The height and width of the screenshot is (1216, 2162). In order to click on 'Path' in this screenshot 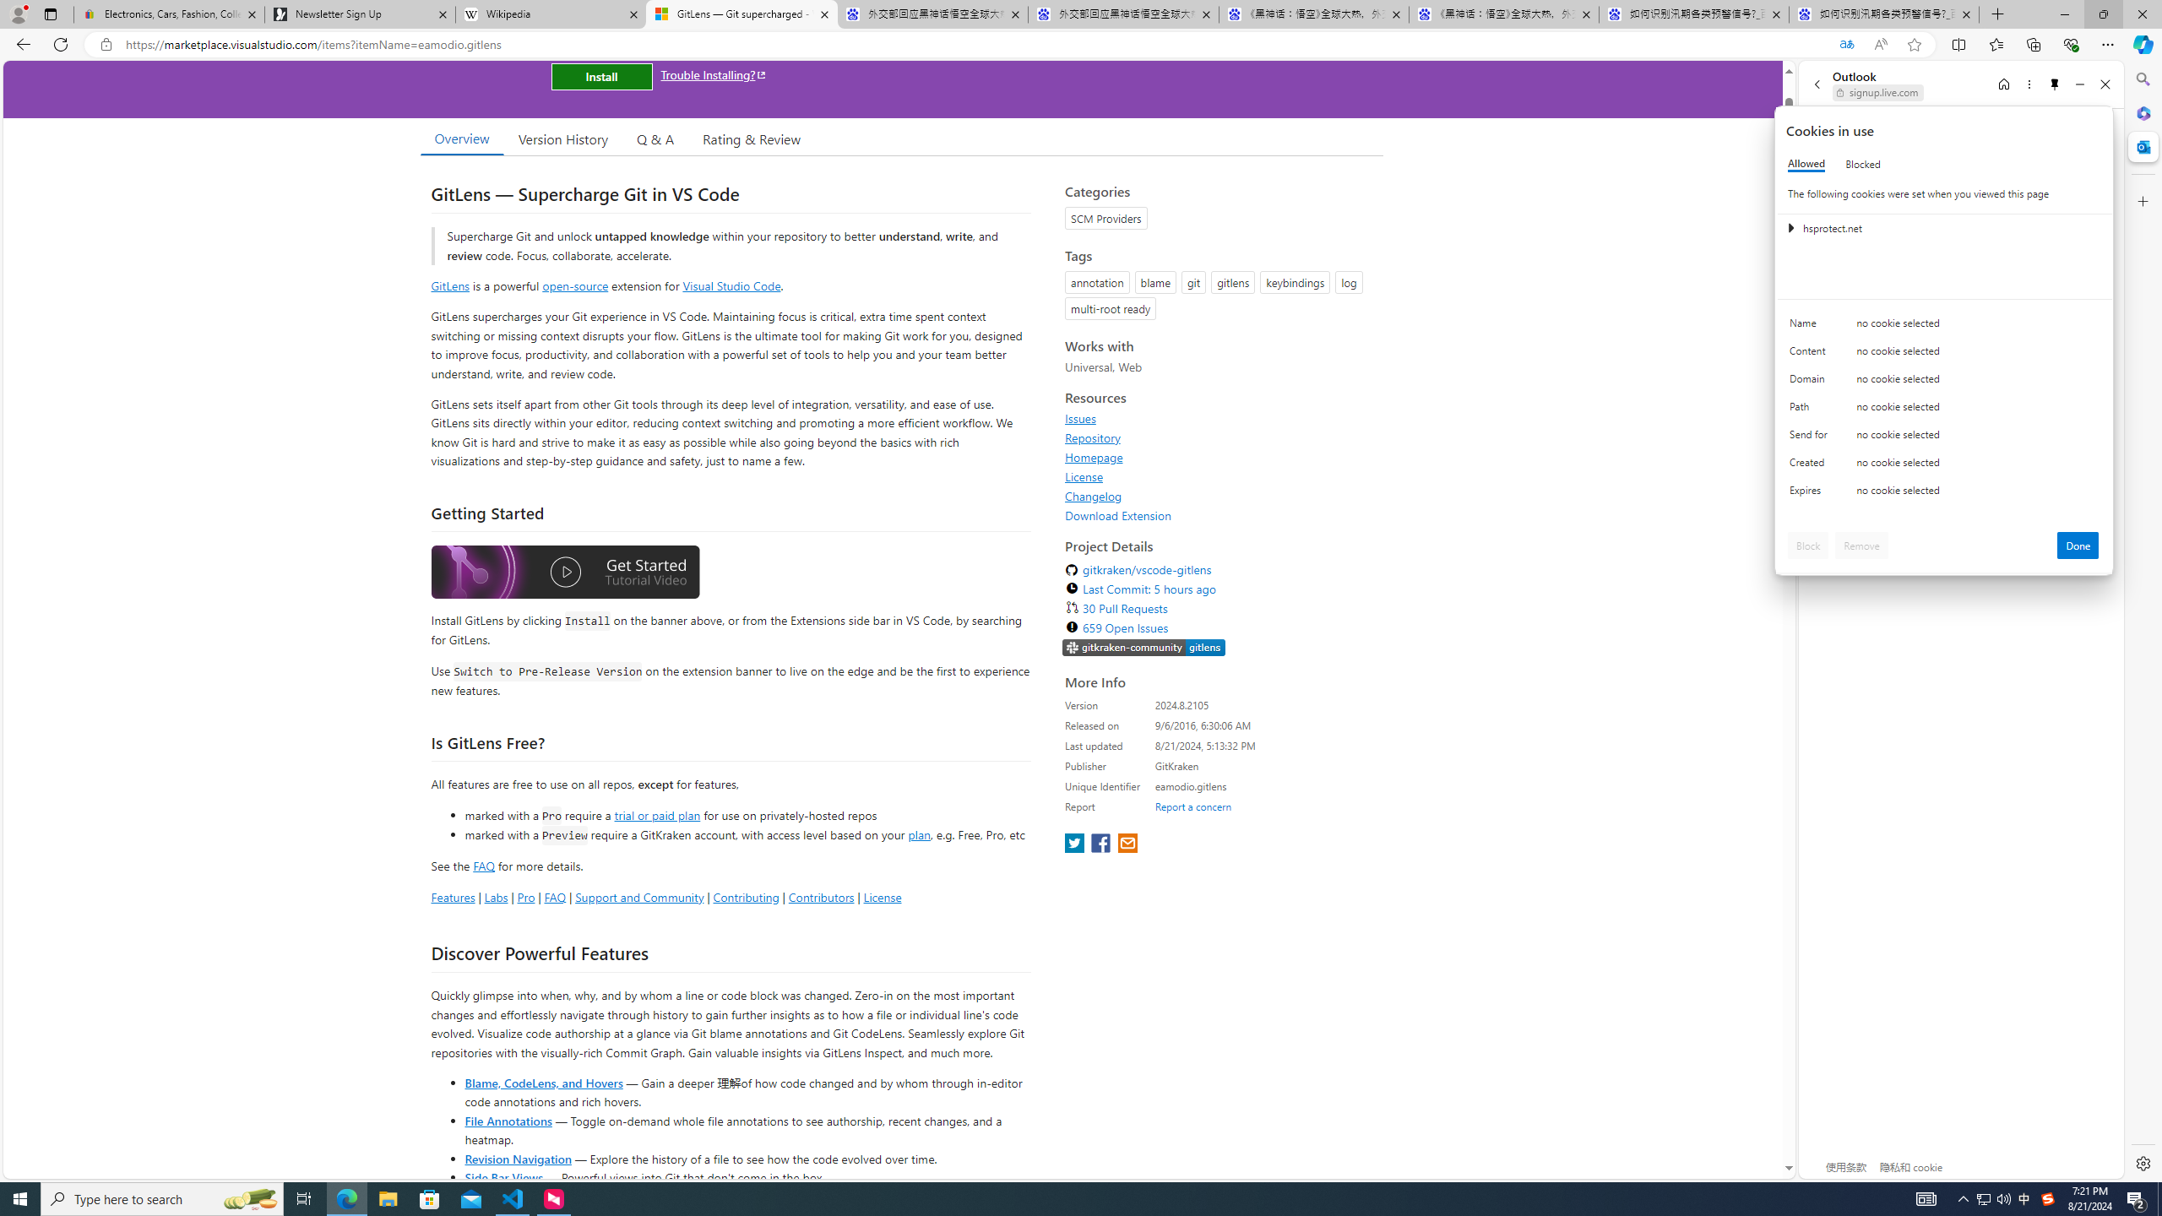, I will do `click(1811, 410)`.